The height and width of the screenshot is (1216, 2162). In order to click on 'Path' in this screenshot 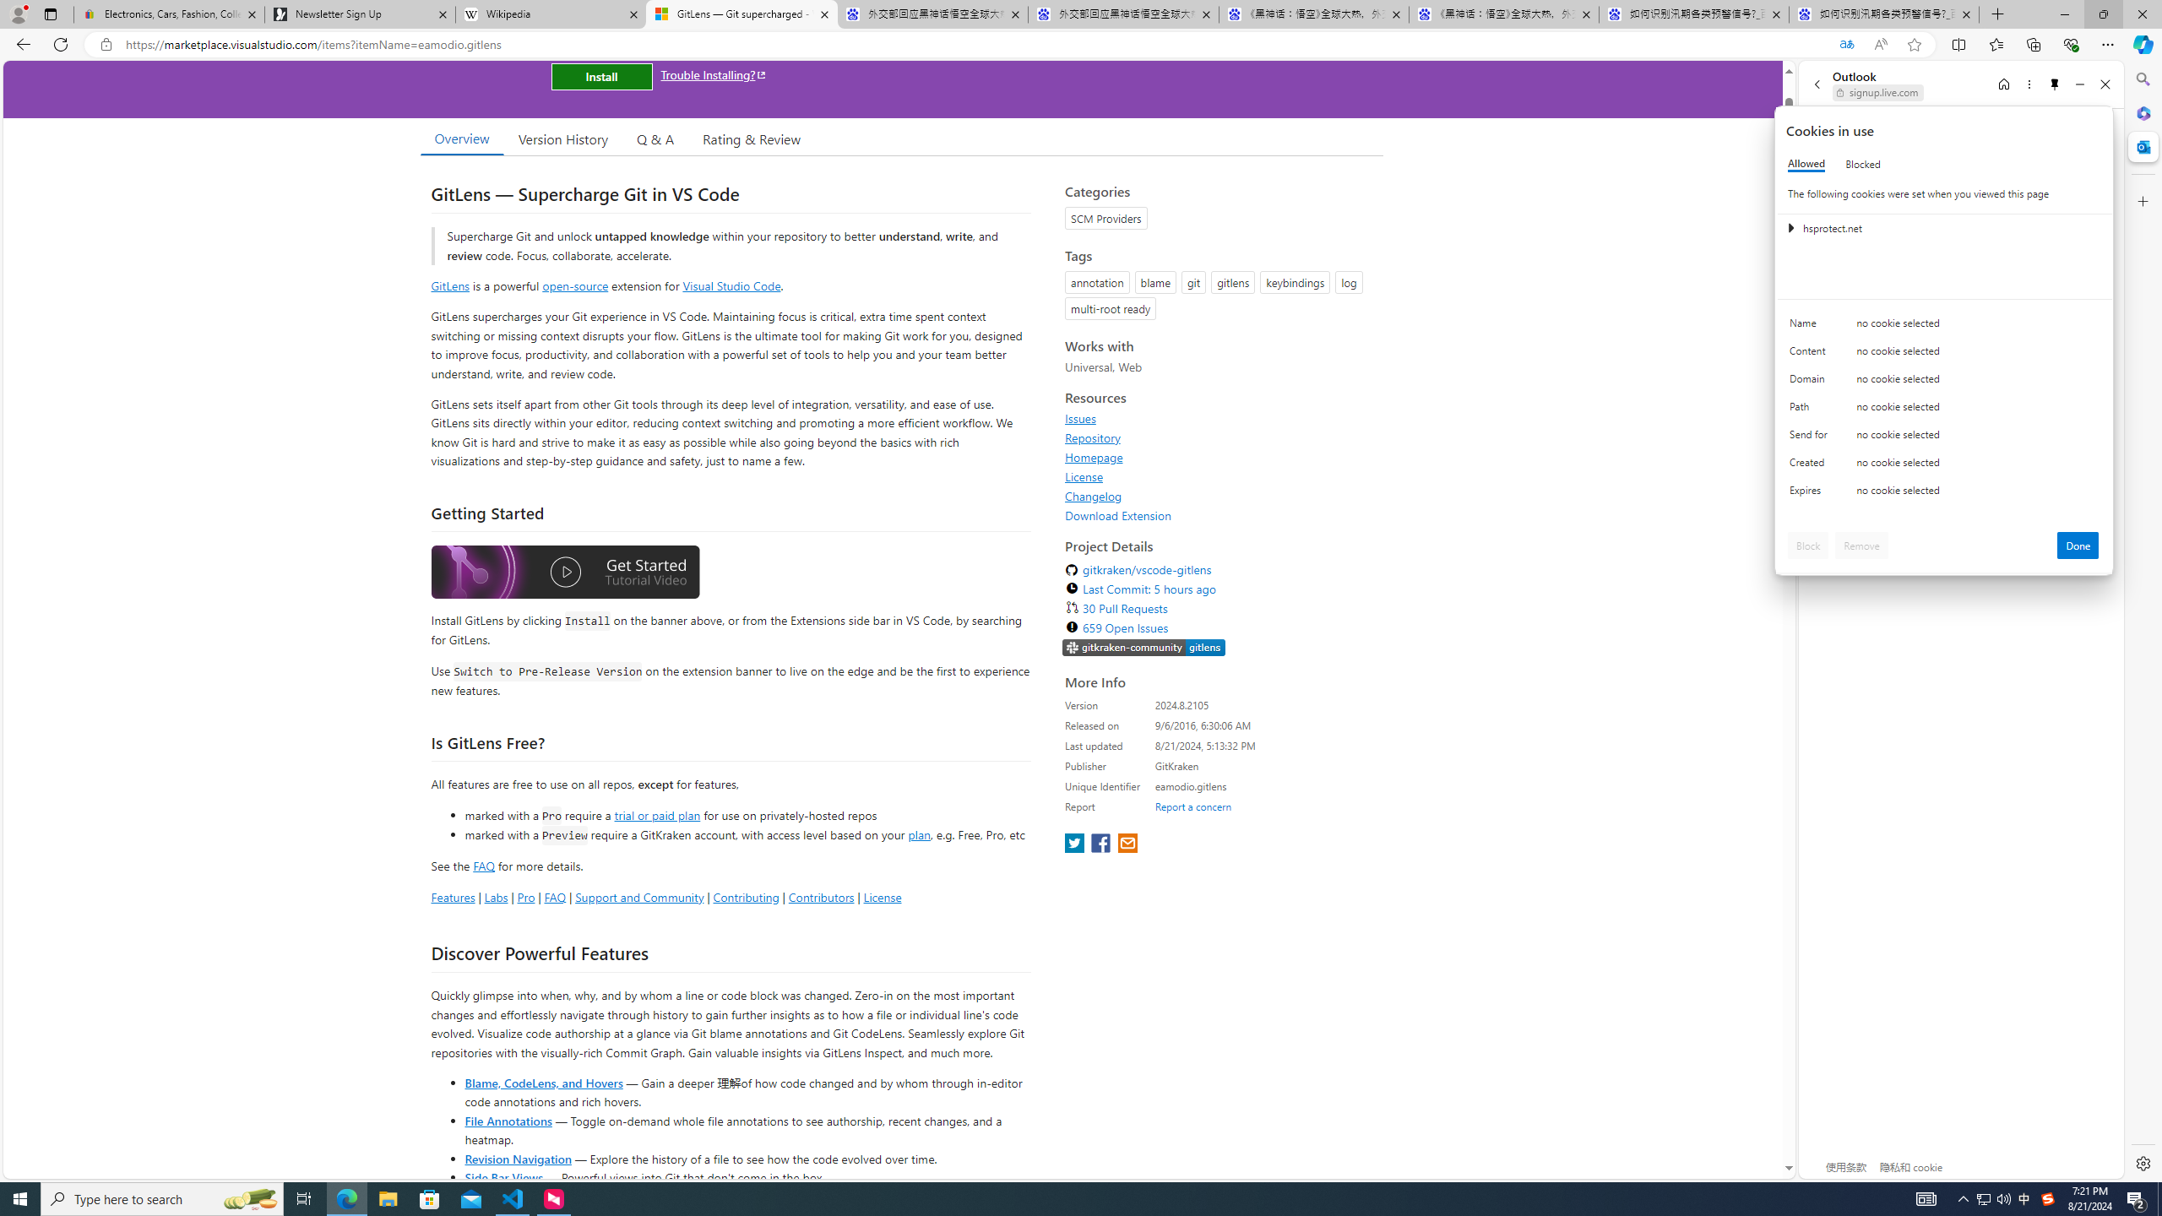, I will do `click(1811, 410)`.